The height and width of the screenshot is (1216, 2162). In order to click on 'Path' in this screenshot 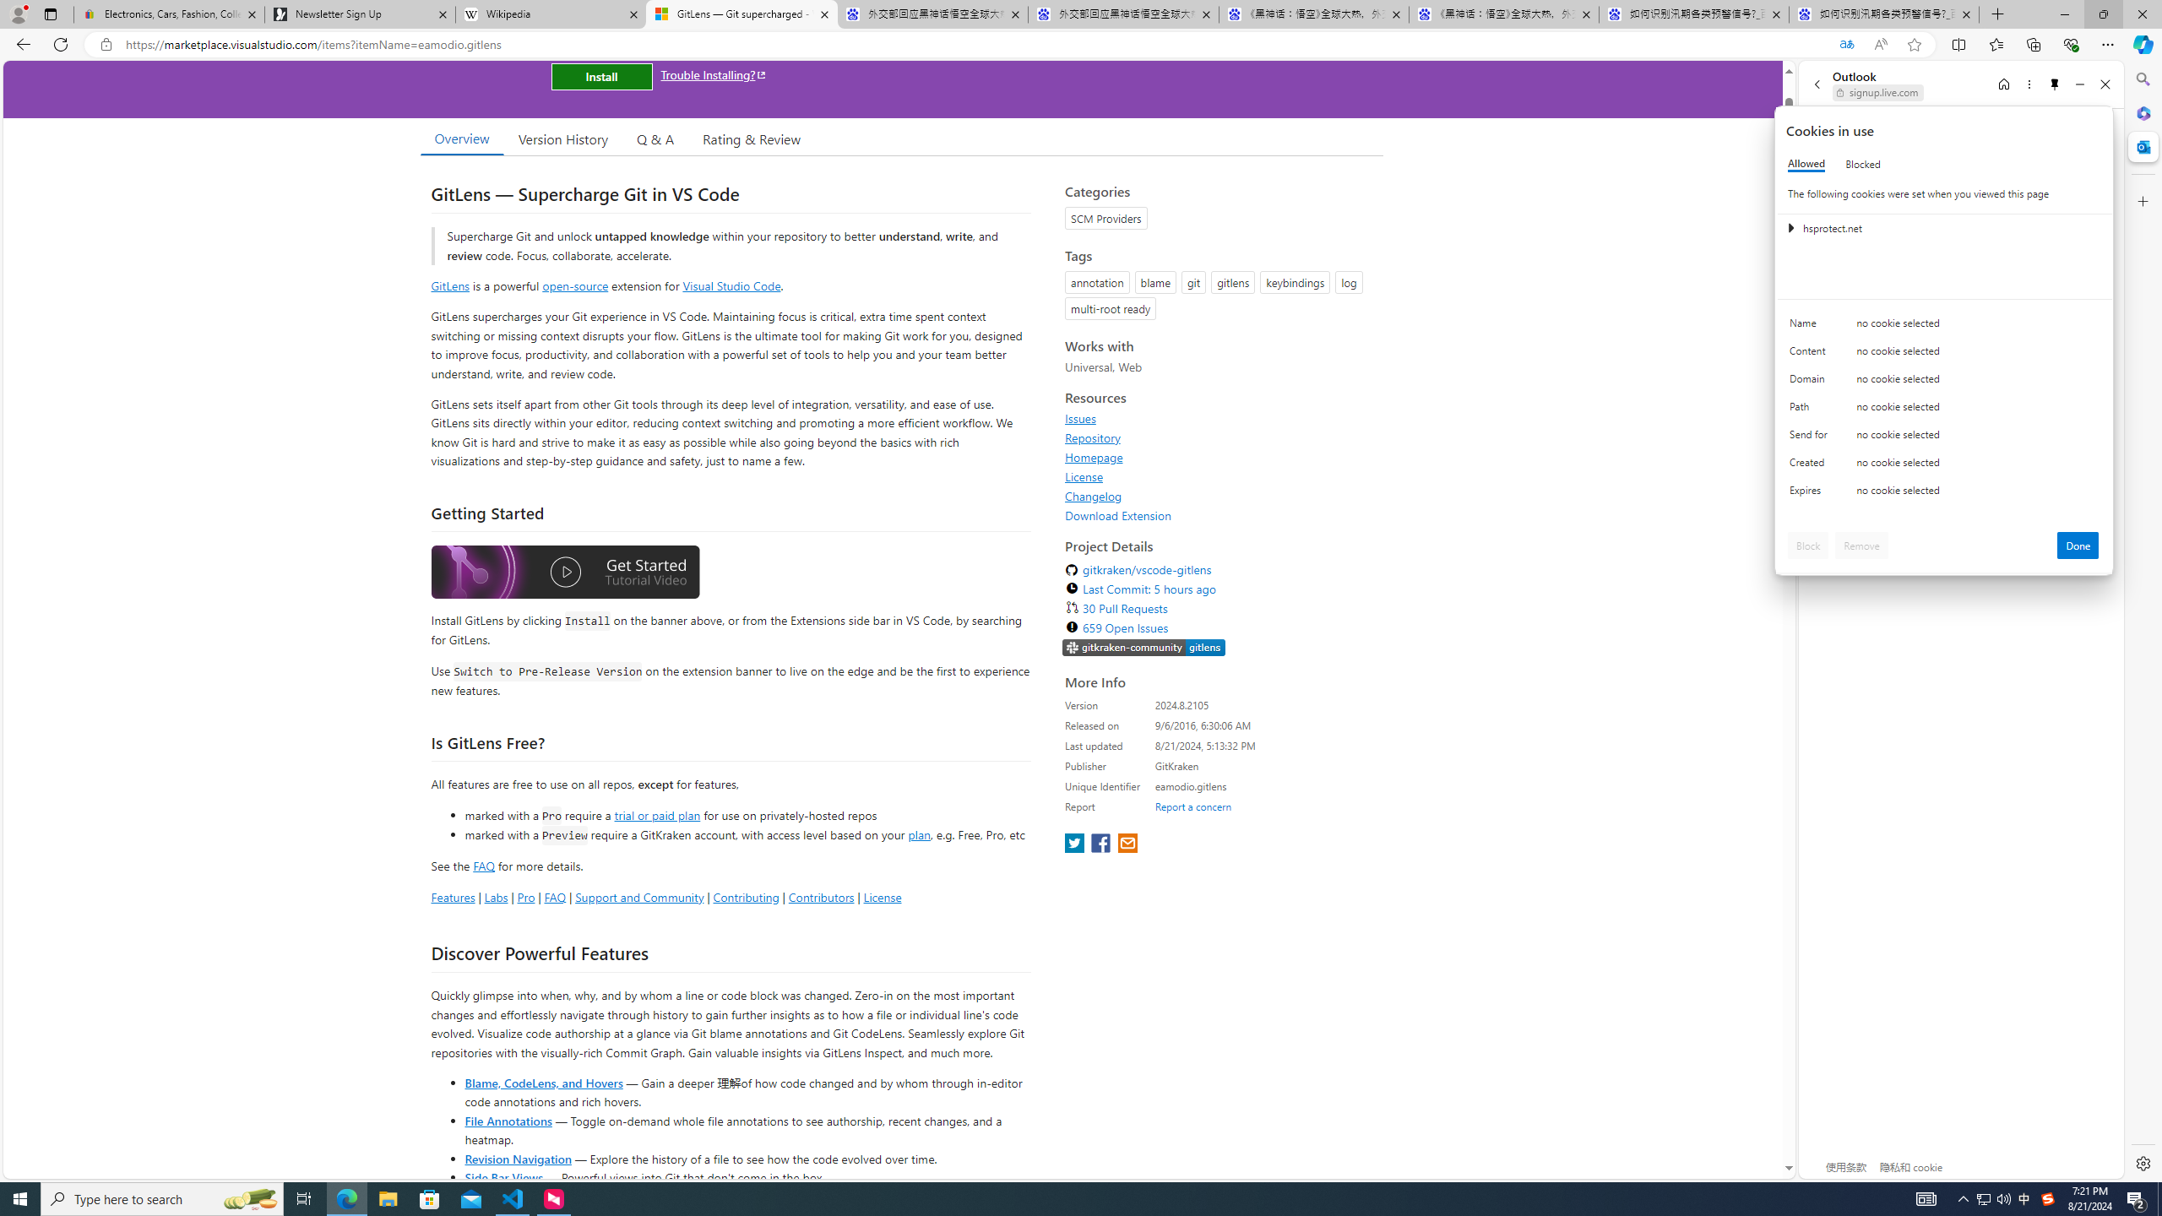, I will do `click(1811, 410)`.